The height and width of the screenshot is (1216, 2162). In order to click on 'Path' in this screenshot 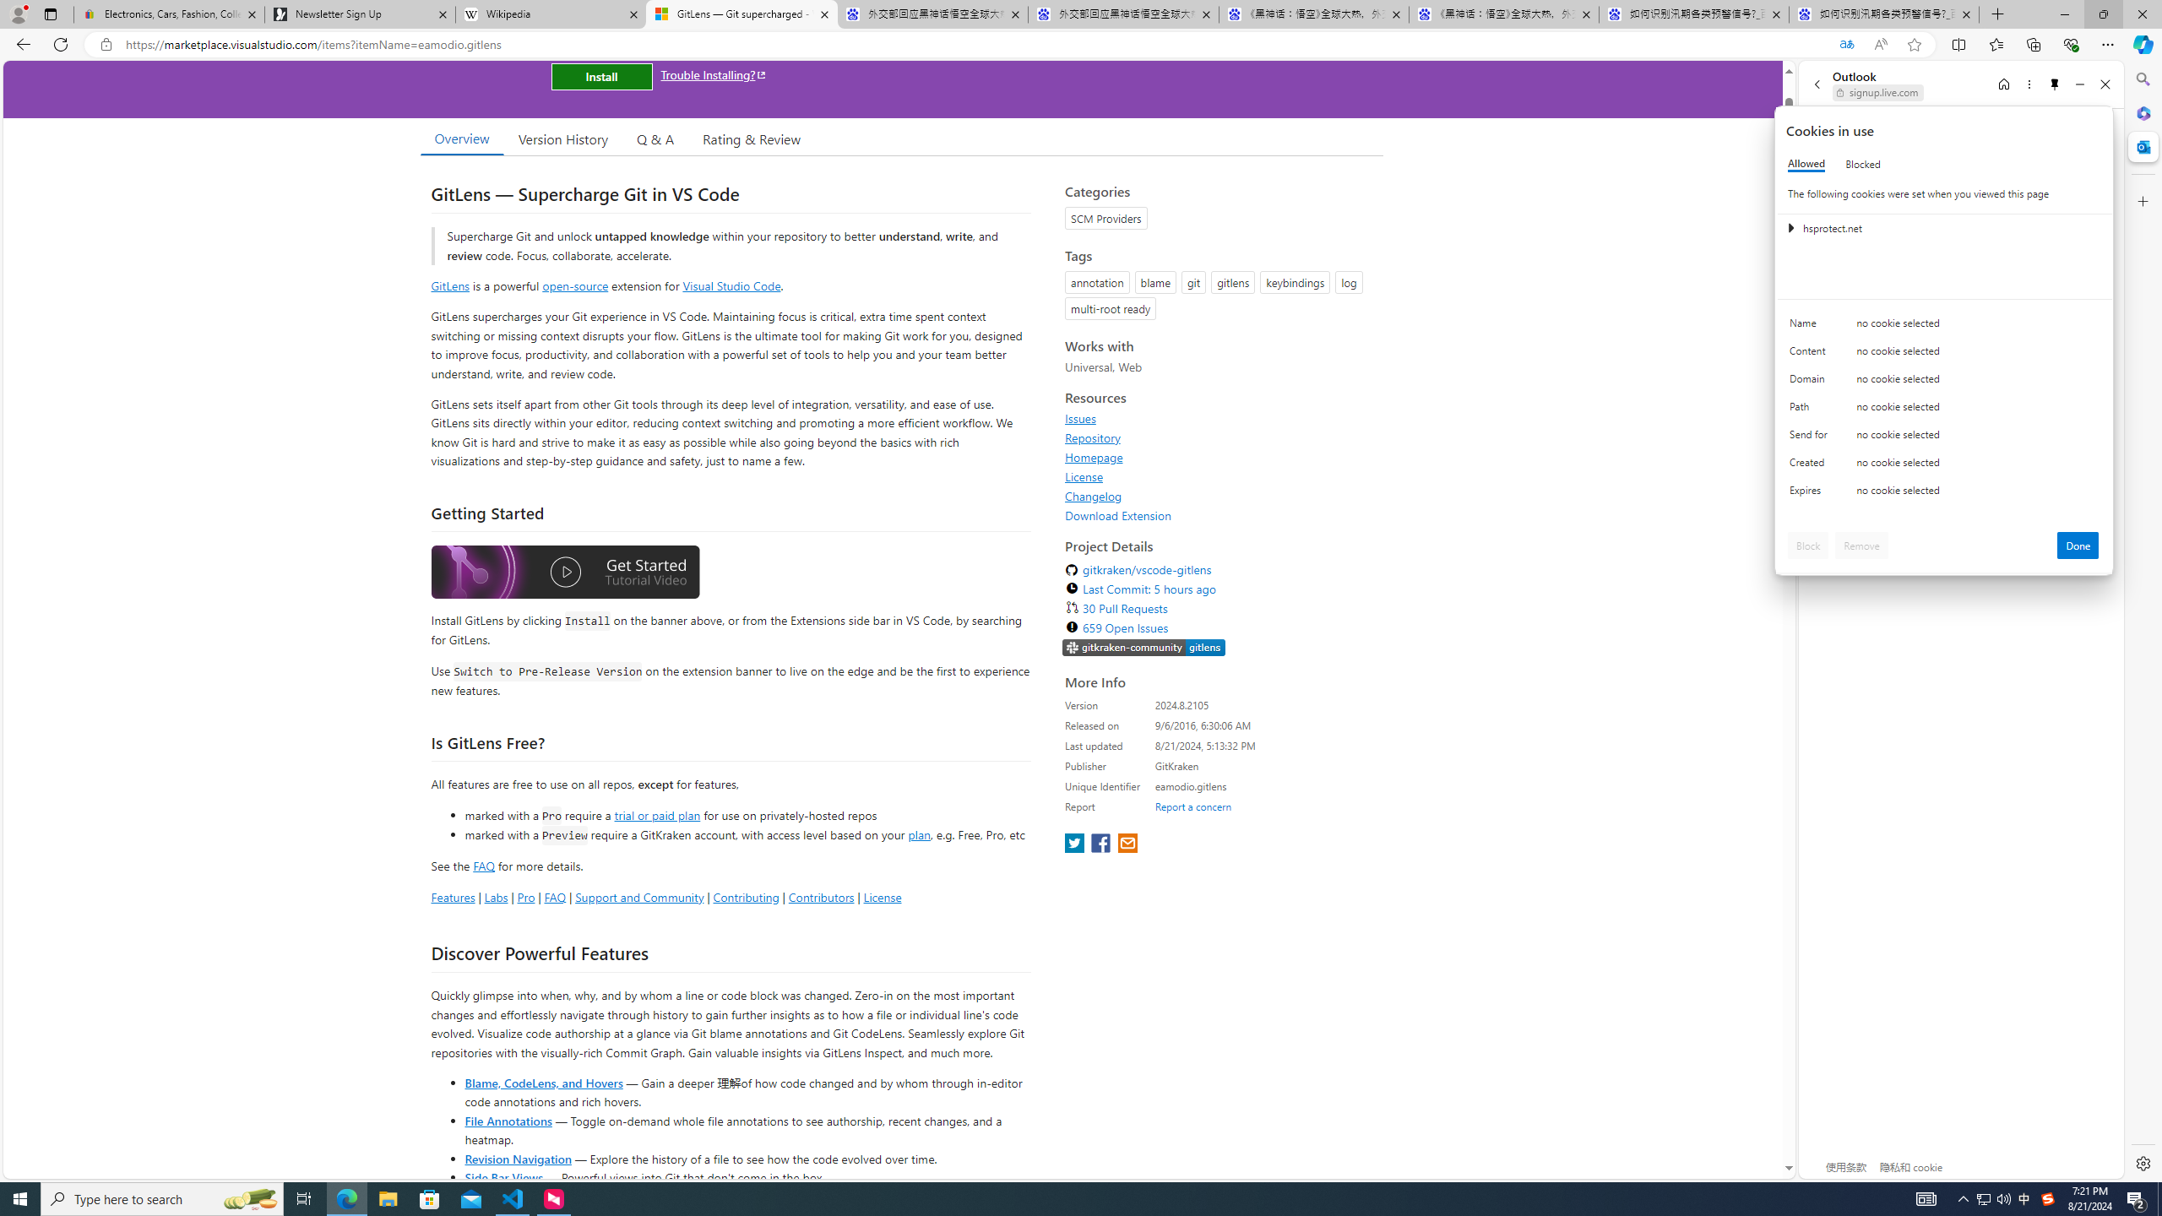, I will do `click(1811, 410)`.